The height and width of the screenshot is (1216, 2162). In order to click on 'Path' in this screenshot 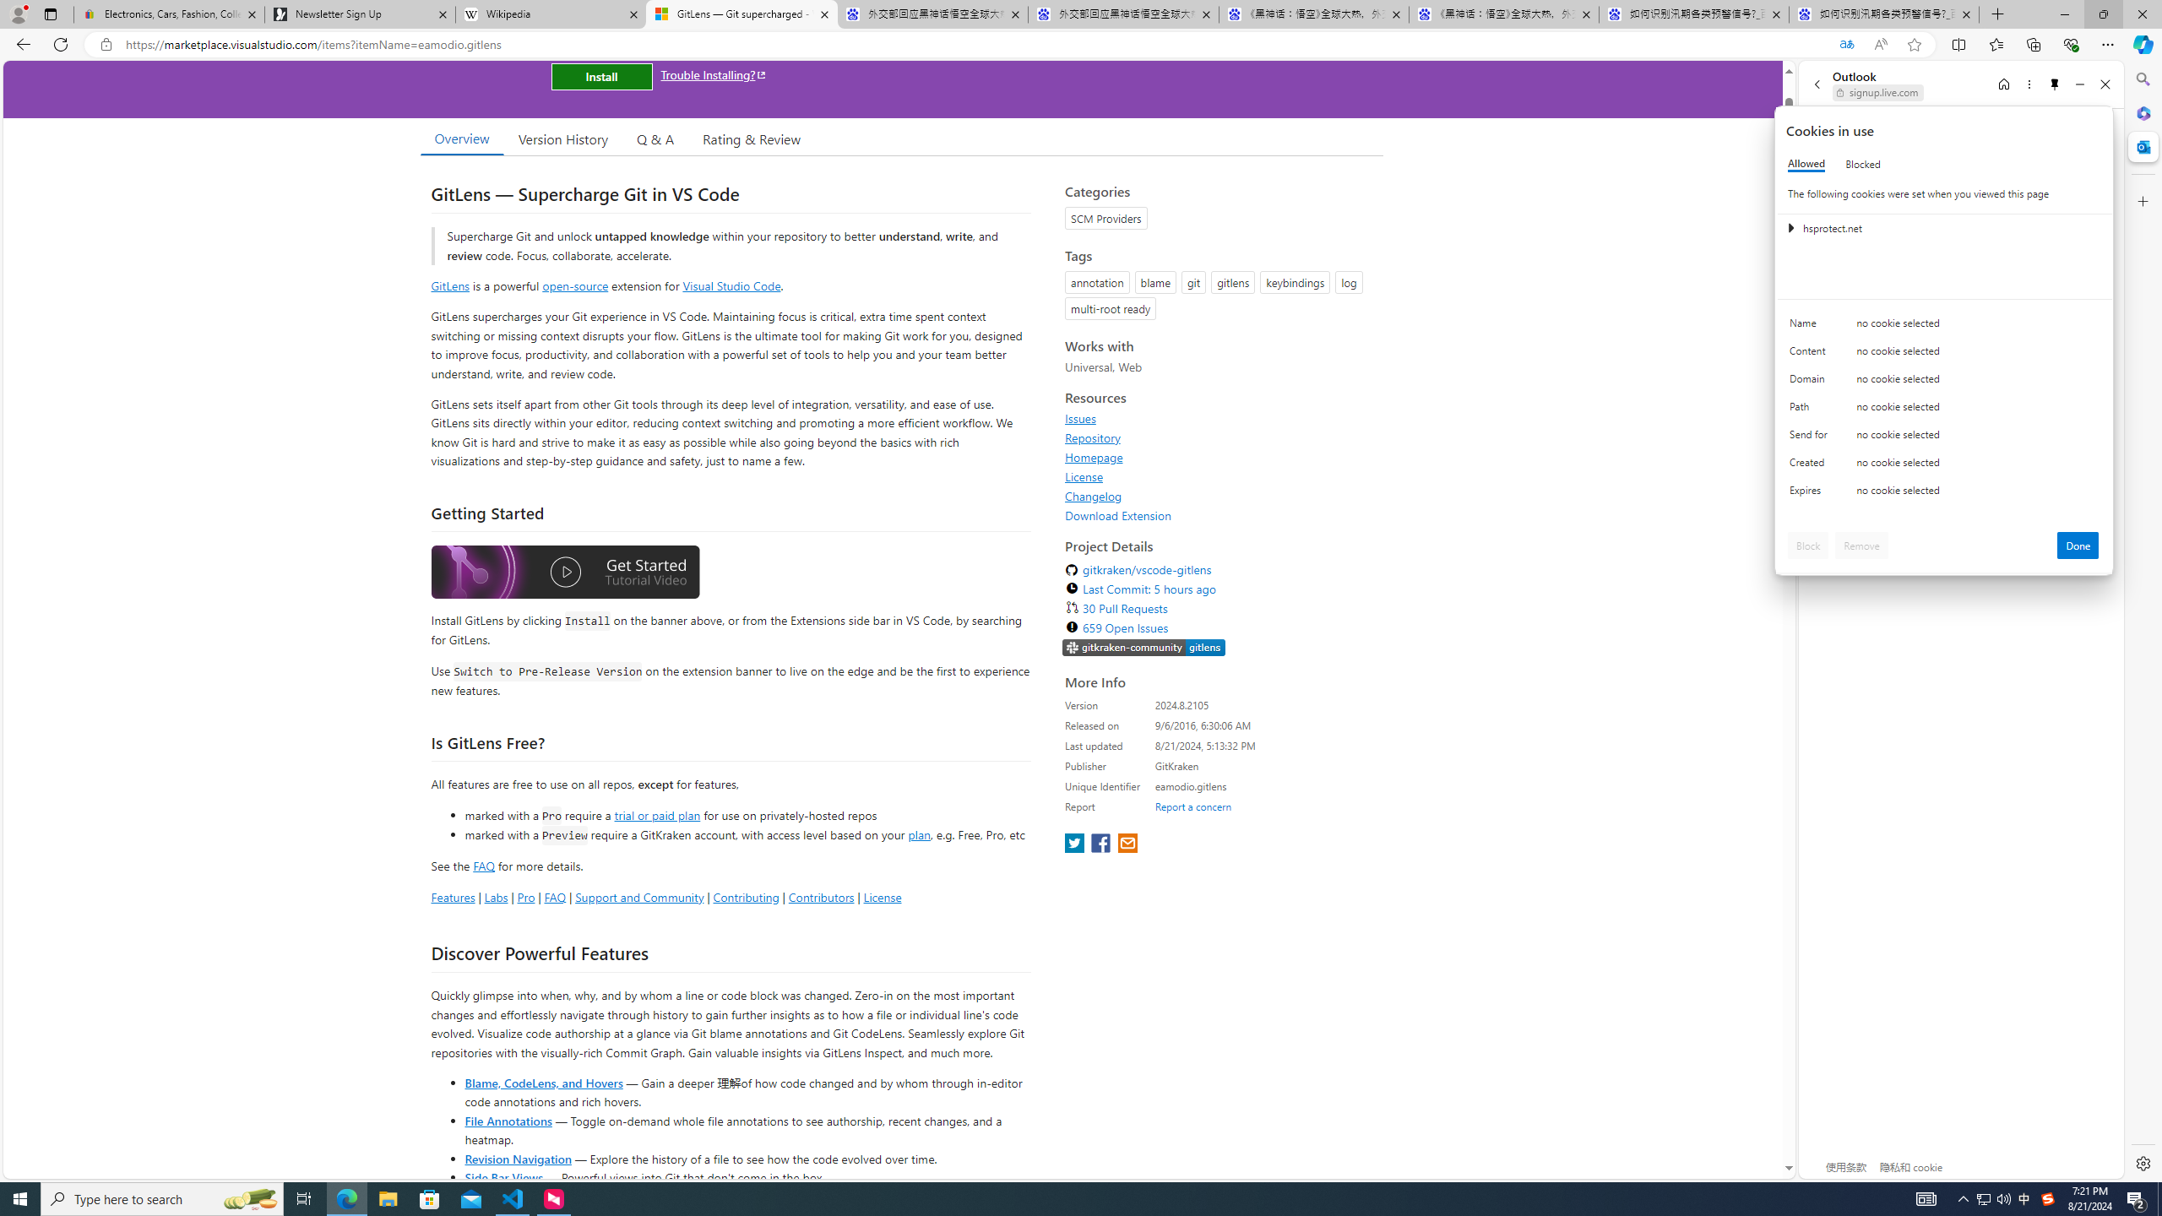, I will do `click(1811, 410)`.